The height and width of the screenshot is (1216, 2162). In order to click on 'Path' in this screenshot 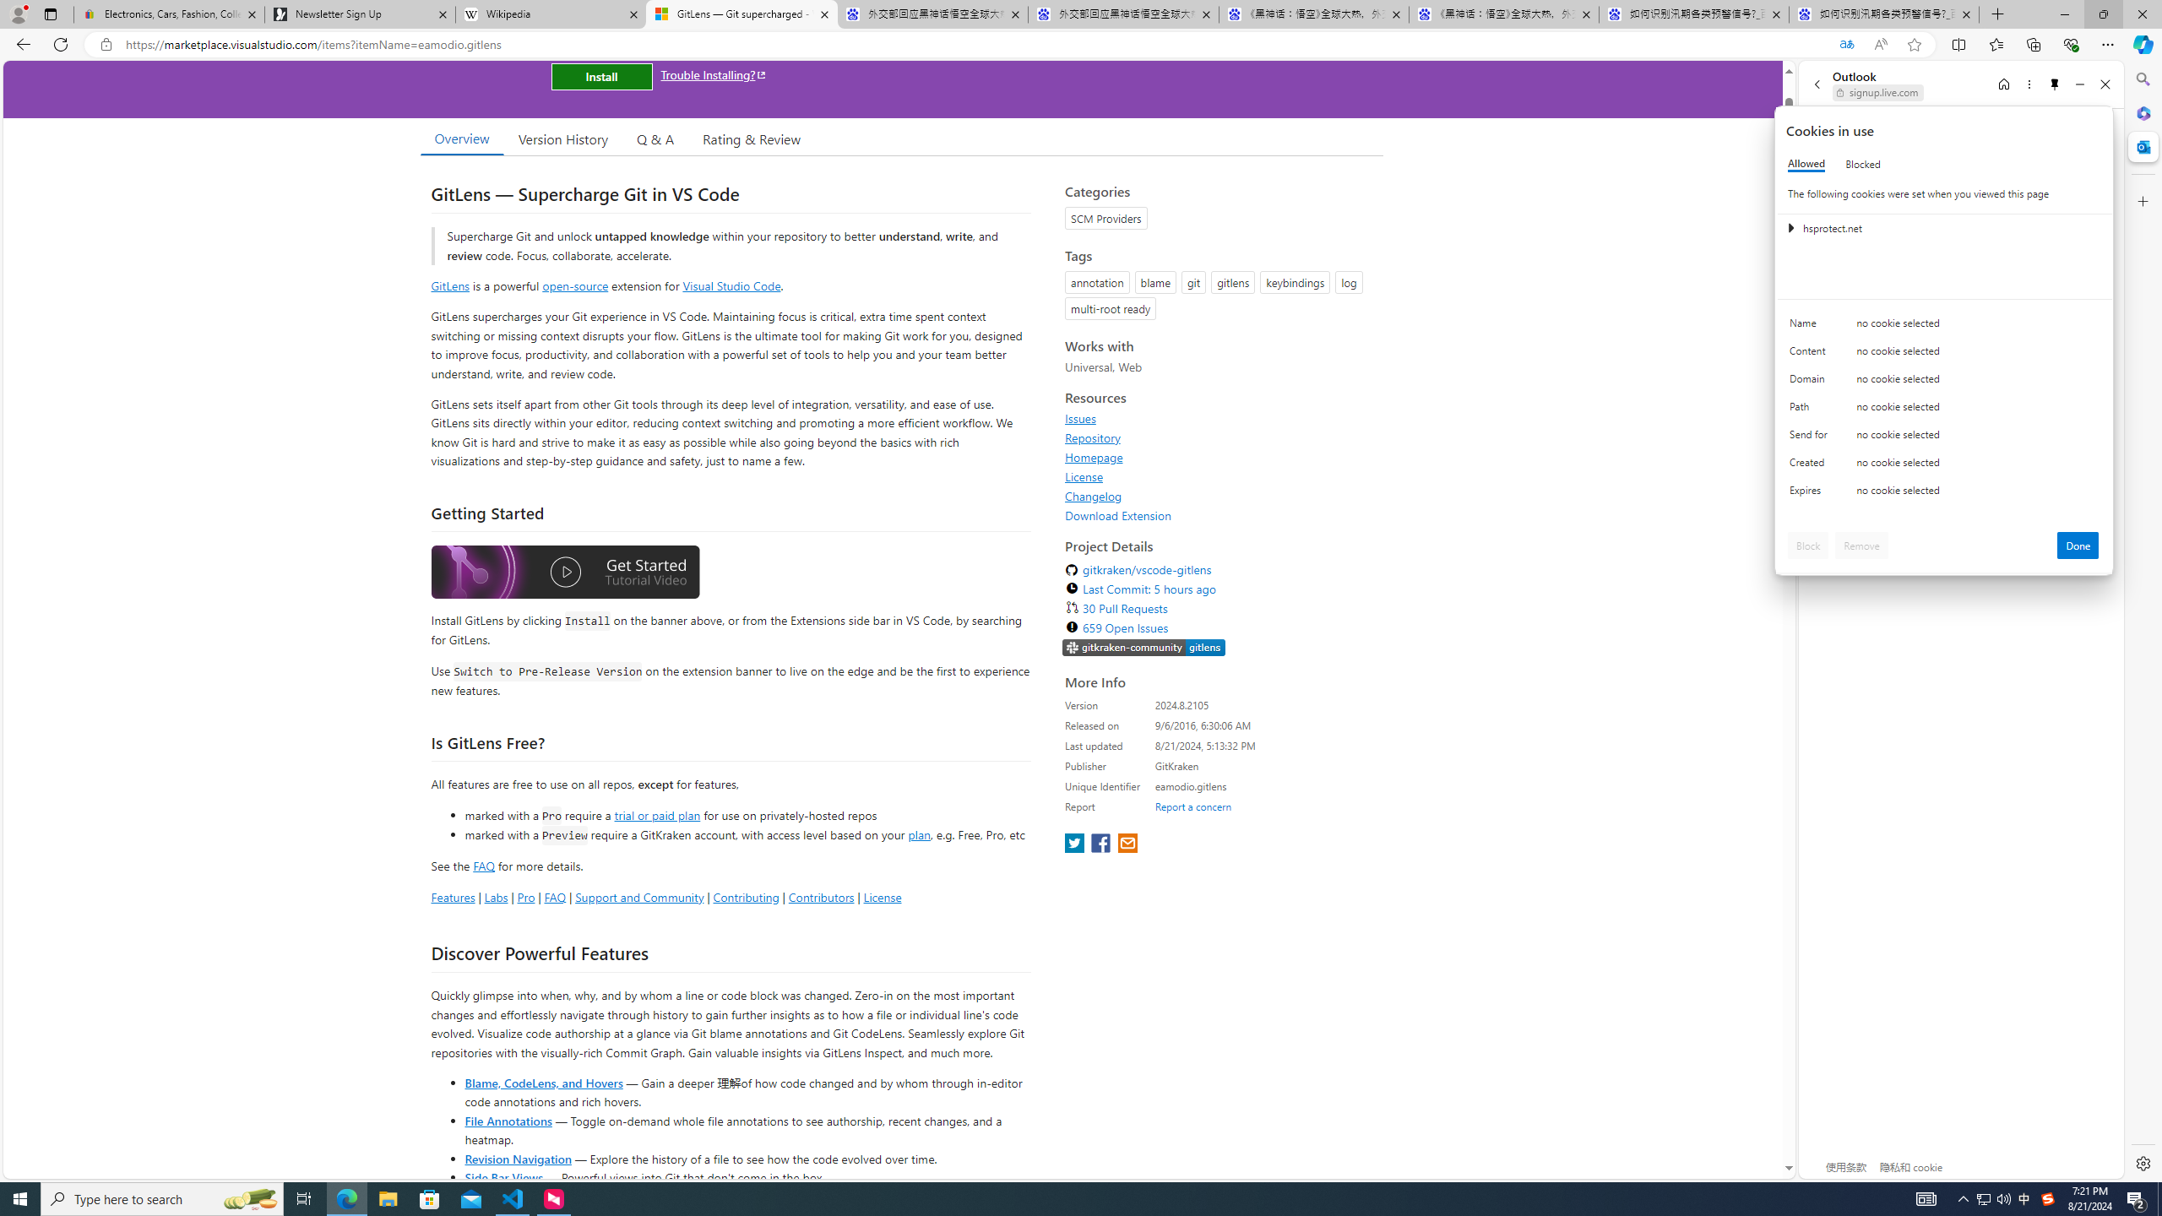, I will do `click(1811, 410)`.